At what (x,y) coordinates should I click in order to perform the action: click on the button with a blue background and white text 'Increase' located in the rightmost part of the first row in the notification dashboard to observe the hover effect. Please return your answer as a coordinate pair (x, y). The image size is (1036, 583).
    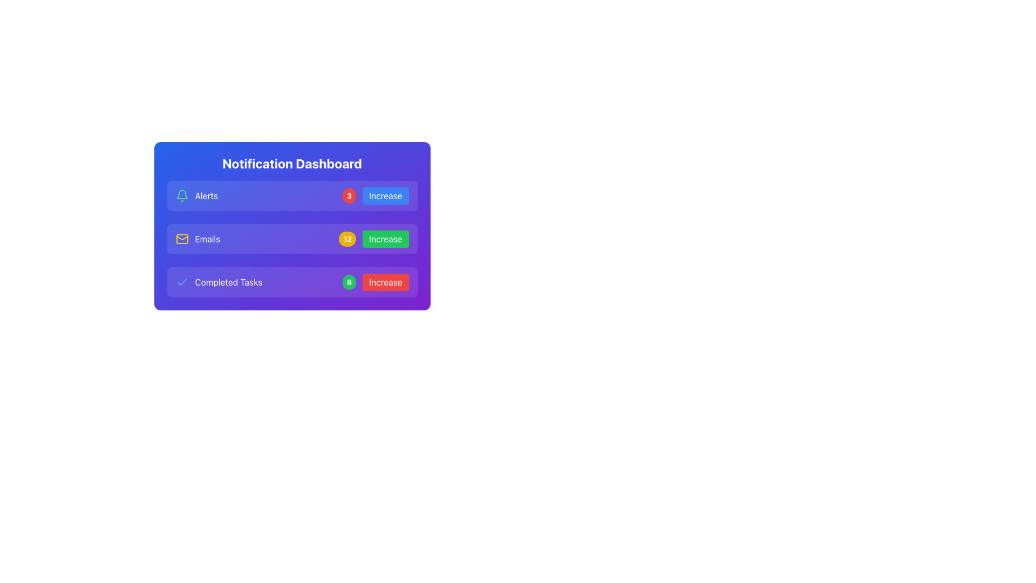
    Looking at the image, I should click on (385, 195).